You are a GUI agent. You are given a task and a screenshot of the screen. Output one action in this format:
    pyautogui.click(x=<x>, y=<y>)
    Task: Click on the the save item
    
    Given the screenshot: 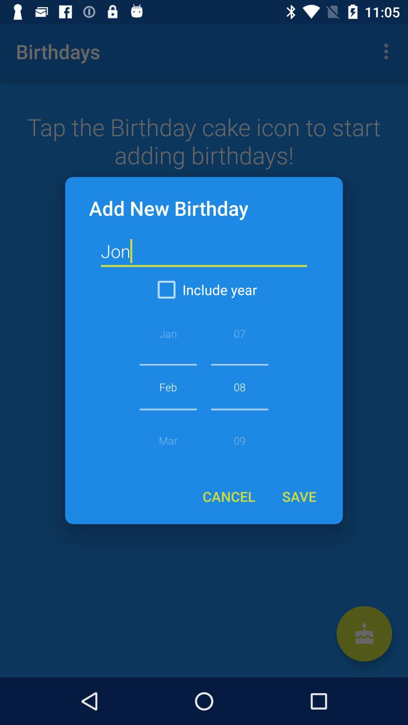 What is the action you would take?
    pyautogui.click(x=298, y=496)
    